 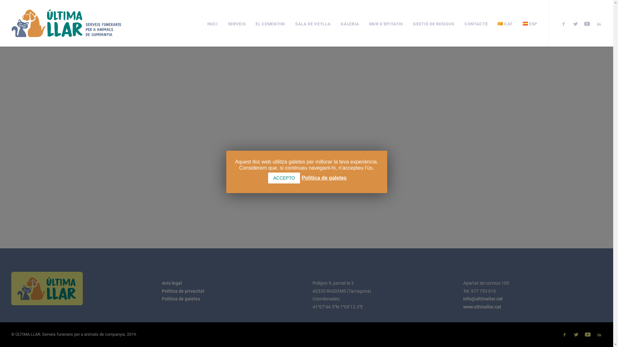 I want to click on 'info@ultimallar.cat', so click(x=463, y=298).